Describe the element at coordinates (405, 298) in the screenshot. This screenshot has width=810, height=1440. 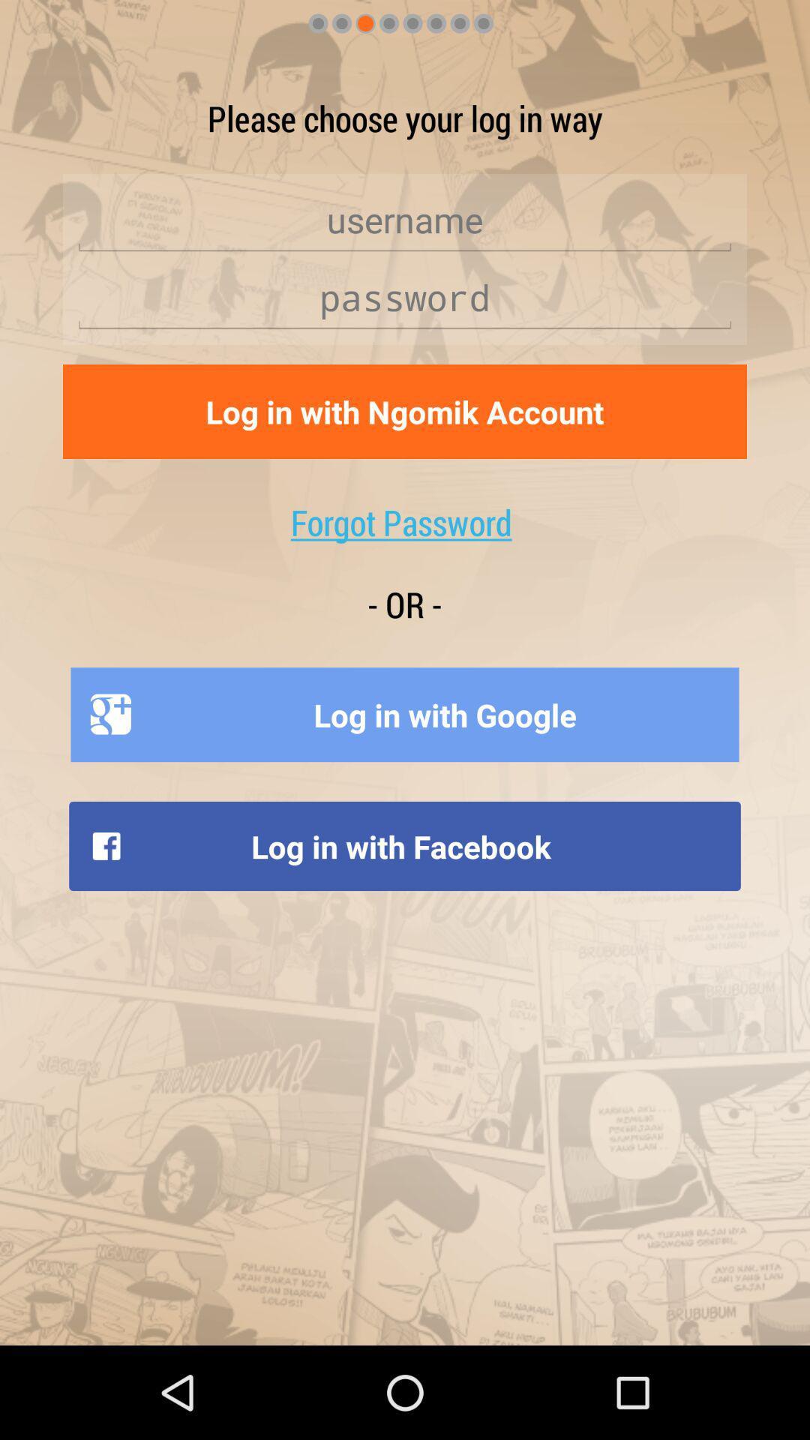
I see `password page` at that location.